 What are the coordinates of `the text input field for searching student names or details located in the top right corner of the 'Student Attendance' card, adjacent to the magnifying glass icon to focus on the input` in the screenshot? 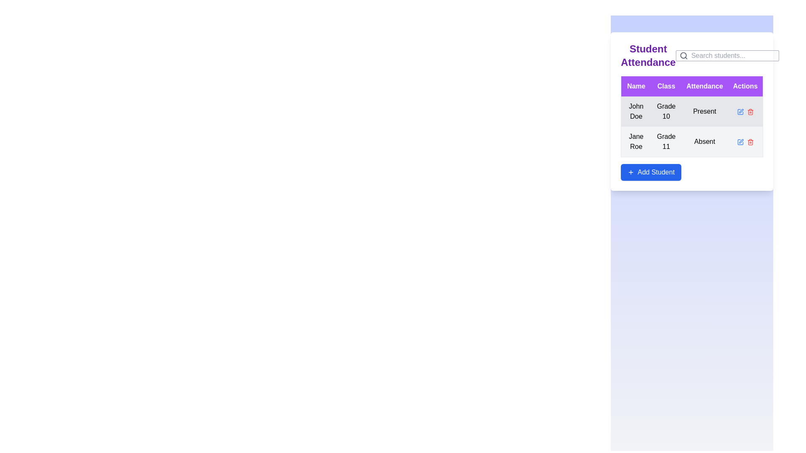 It's located at (733, 55).